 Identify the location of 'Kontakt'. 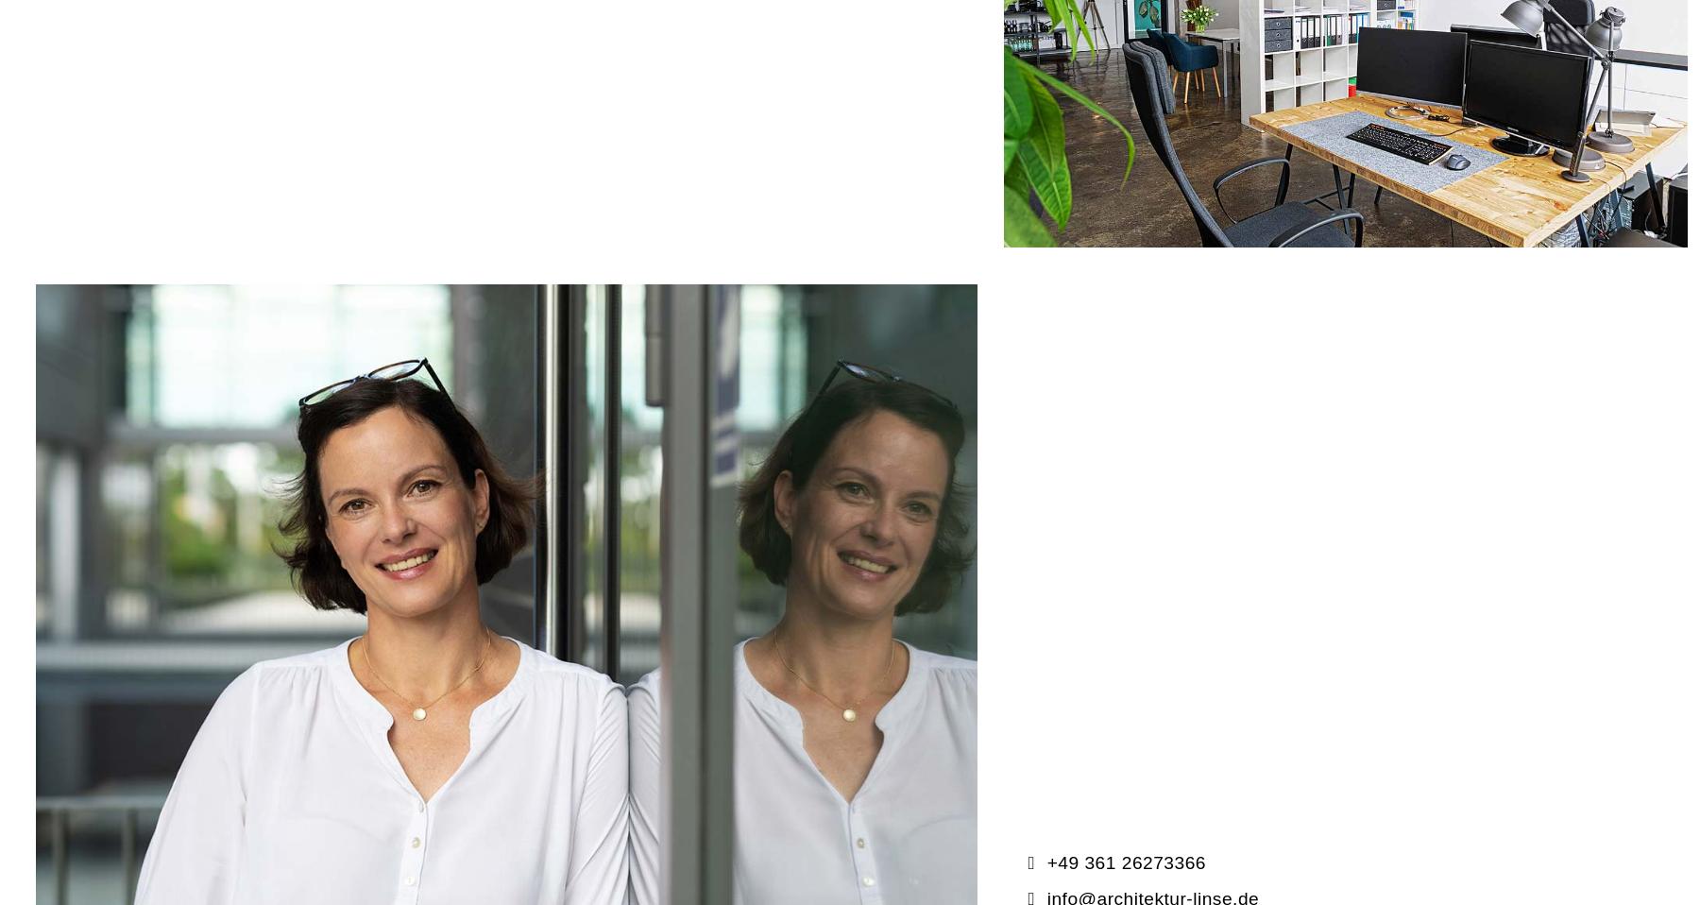
(34, 130).